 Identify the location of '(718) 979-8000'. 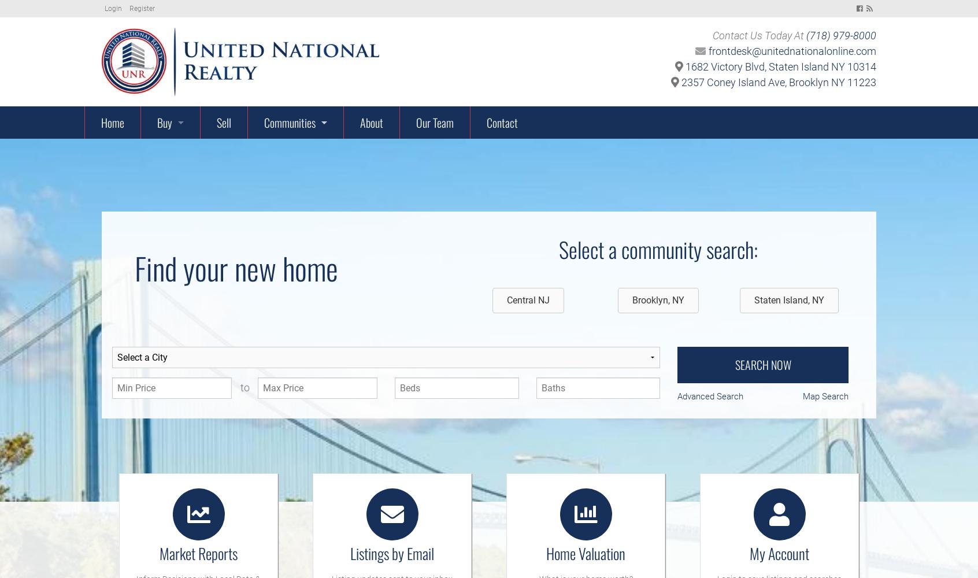
(806, 35).